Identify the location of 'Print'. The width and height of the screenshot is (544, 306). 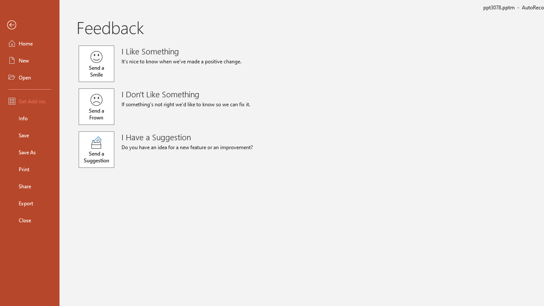
(29, 169).